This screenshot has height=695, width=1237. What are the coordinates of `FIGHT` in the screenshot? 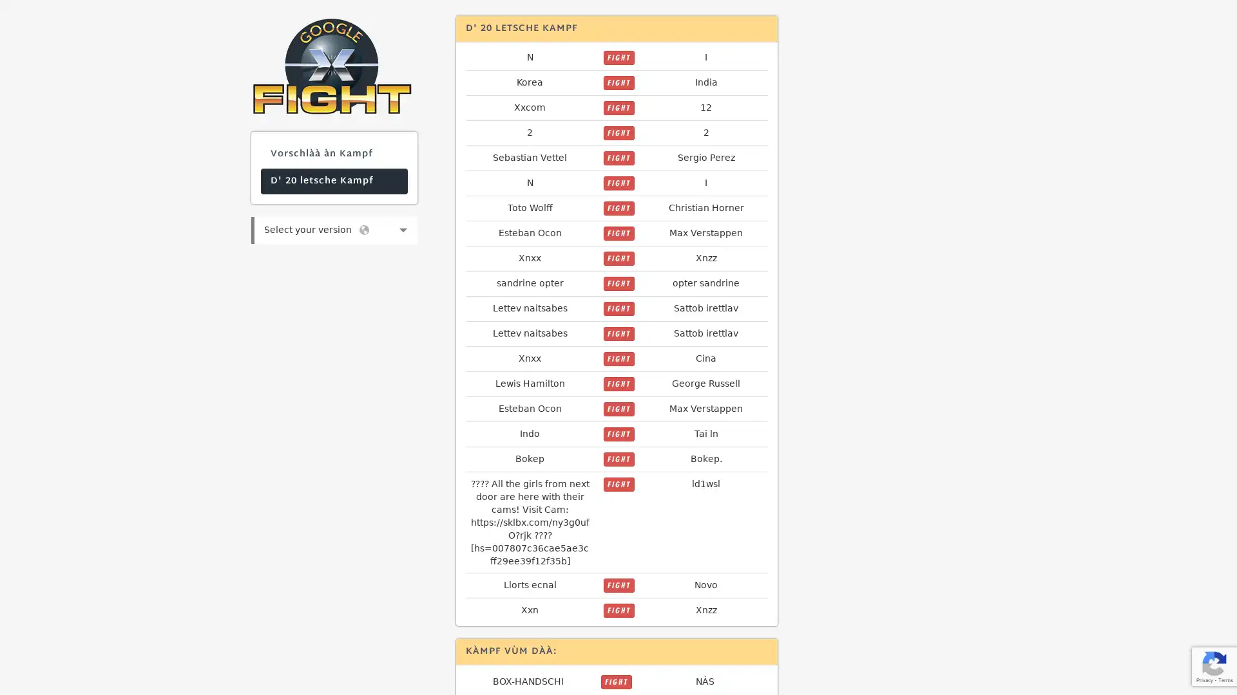 It's located at (618, 484).